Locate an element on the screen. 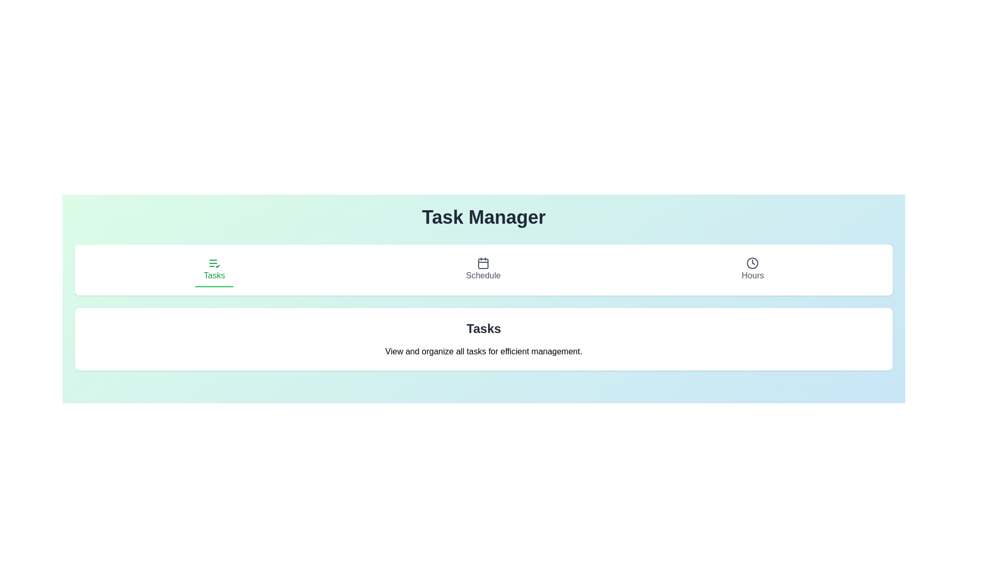  the clock-shaped icon located in the 'Hours' section, which is a clickable button in the header, positioned centrally above the 'Hours' label is located at coordinates (753, 262).